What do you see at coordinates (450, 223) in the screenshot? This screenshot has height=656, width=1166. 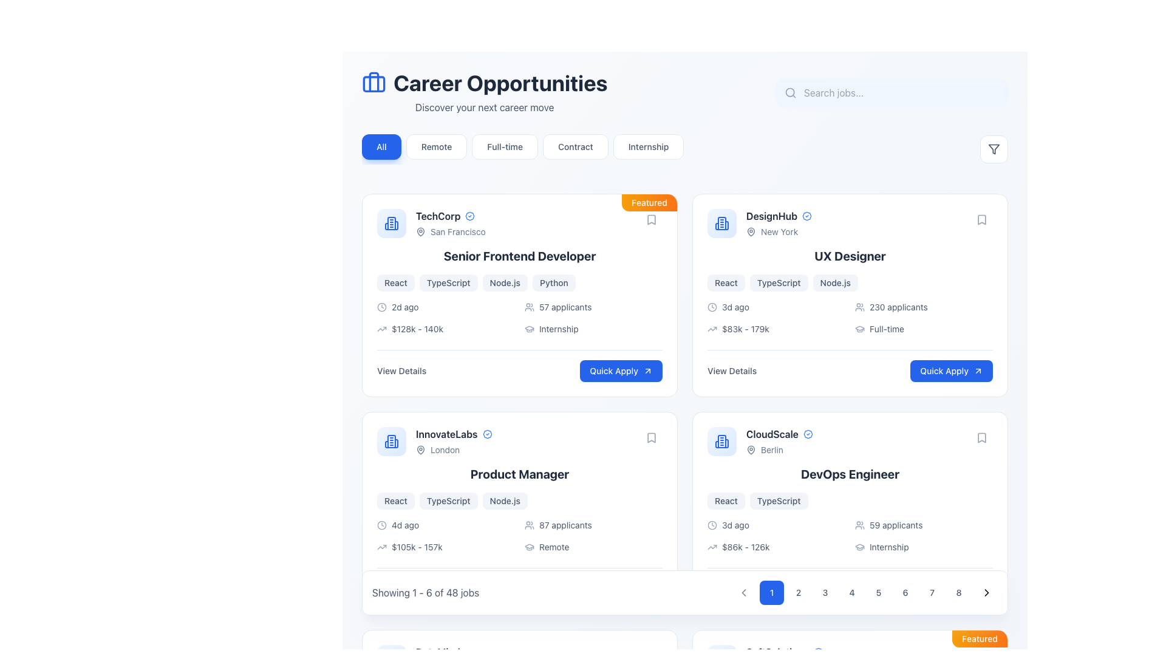 I see `the compound text element displaying 'TechCorp' with a verified badge icon, located in the upper-left area of the job posting card for 'Senior Frontend Developer'` at bounding box center [450, 223].